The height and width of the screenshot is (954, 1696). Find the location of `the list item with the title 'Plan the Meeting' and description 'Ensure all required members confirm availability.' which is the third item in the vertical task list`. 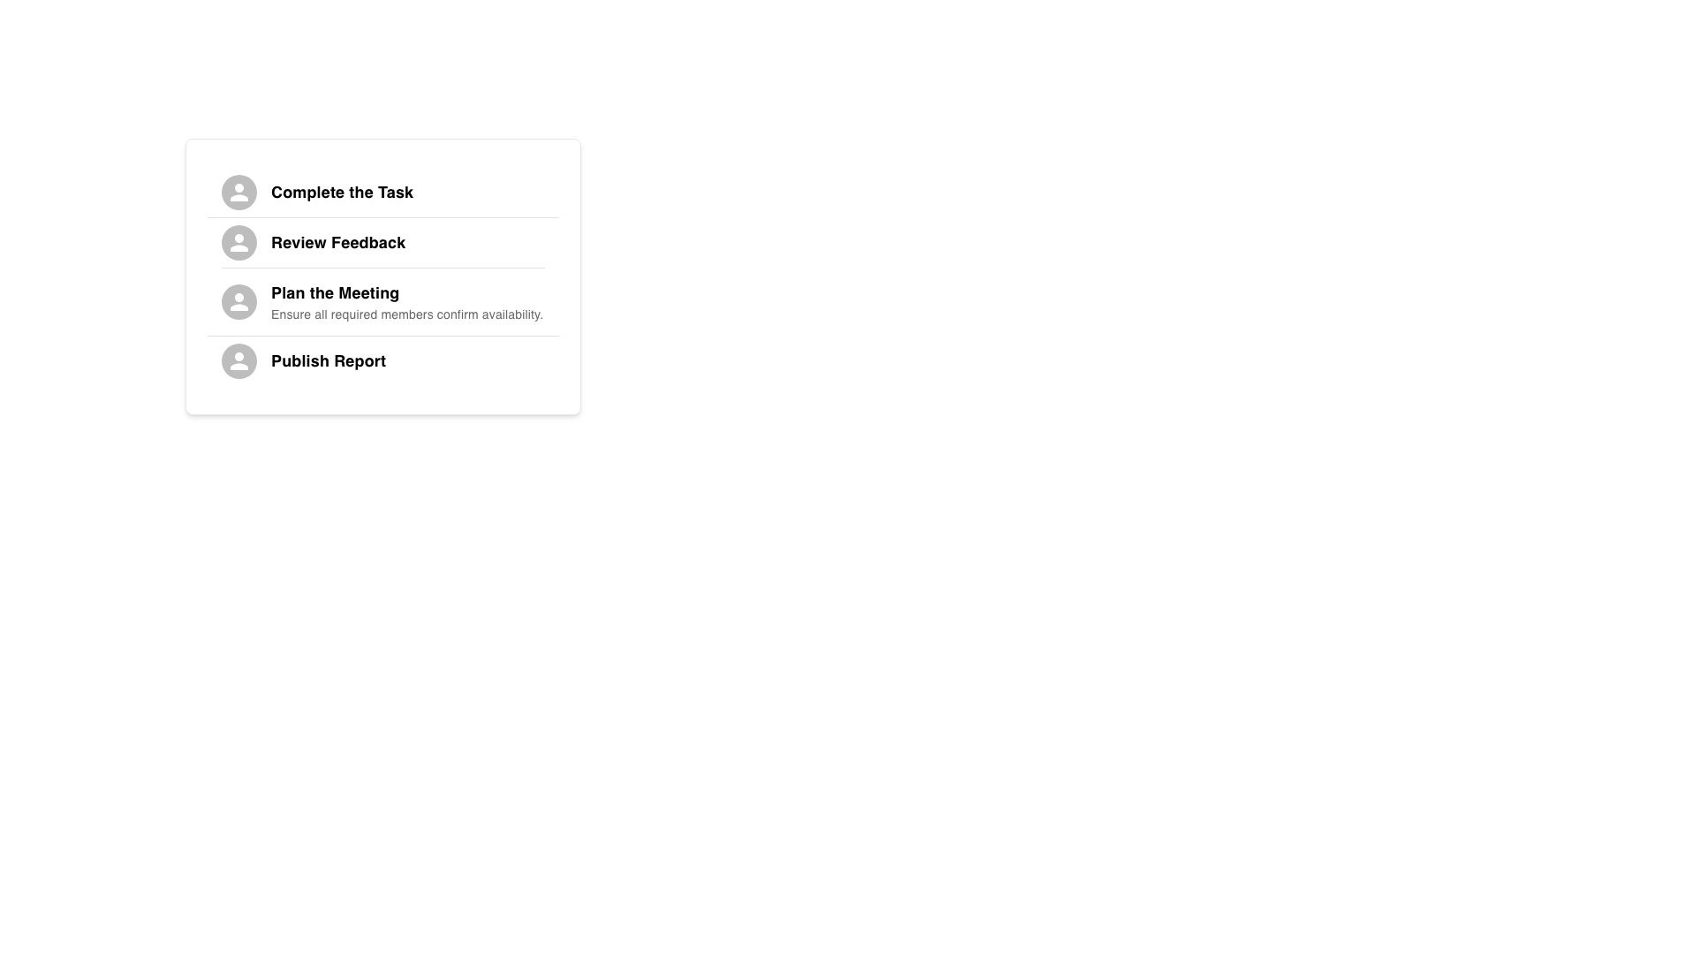

the list item with the title 'Plan the Meeting' and description 'Ensure all required members confirm availability.' which is the third item in the vertical task list is located at coordinates (382, 276).